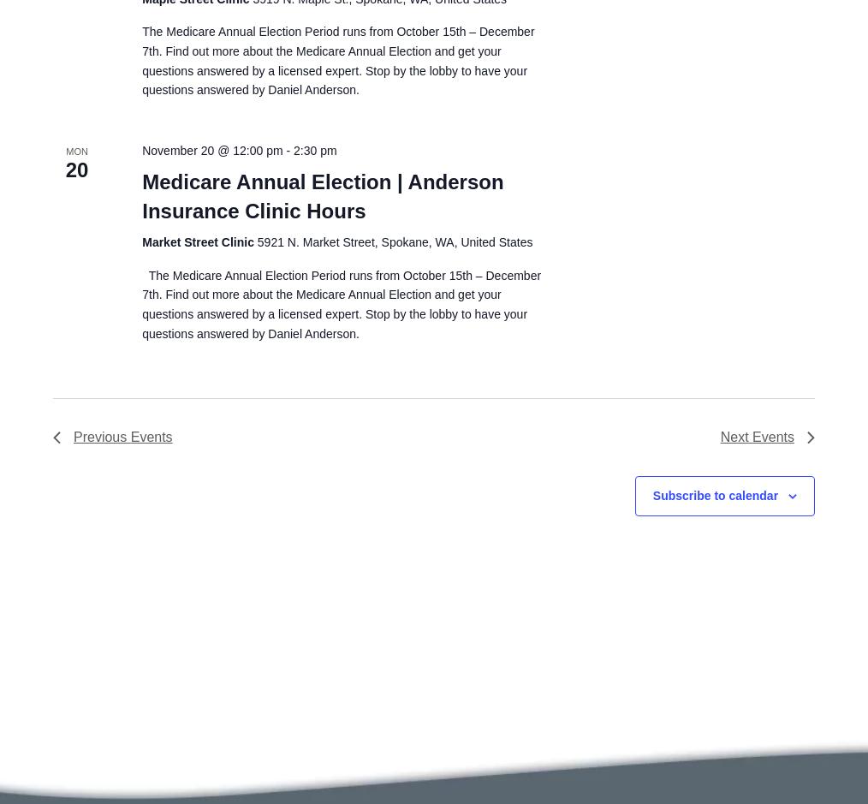  Describe the element at coordinates (199, 240) in the screenshot. I see `'Market Street Clinic'` at that location.